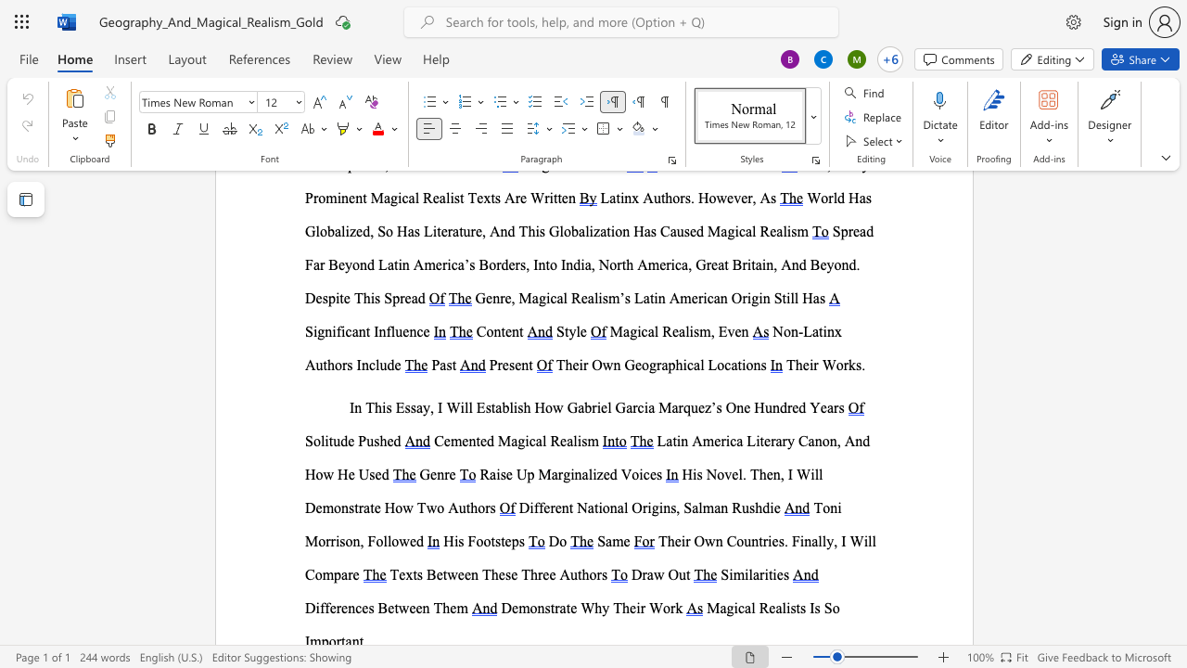  I want to click on the space between the continuous character "n" and "t" in the text, so click(475, 441).